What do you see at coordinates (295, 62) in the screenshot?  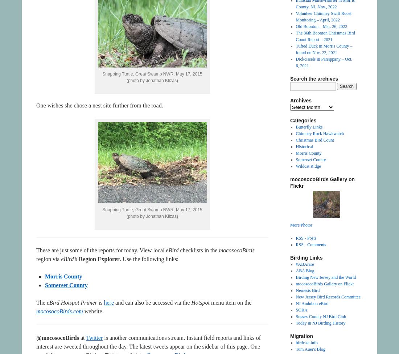 I see `'Dickcissels in Parsippany – Oct. 6, 2021'` at bounding box center [295, 62].